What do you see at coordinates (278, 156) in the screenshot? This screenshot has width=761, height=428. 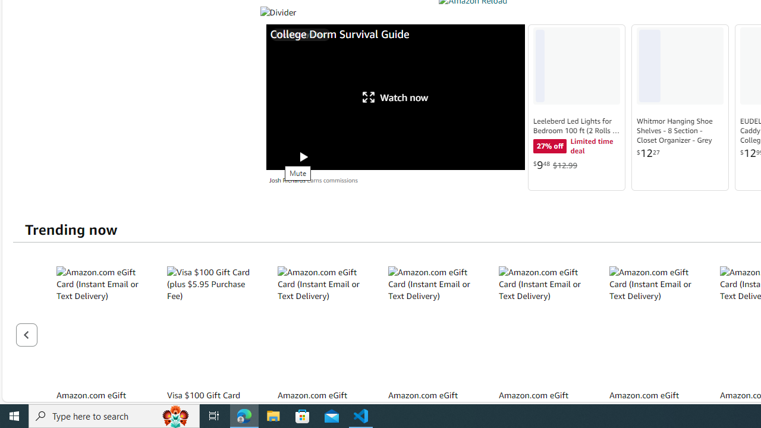 I see `'Mute'` at bounding box center [278, 156].